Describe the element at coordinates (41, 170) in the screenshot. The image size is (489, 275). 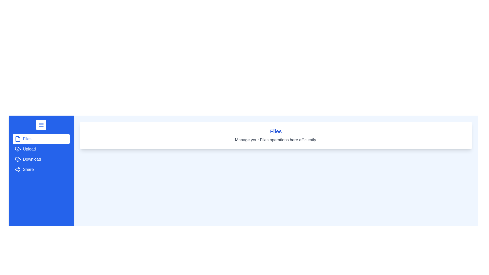
I see `the menu option Share from the drawer` at that location.